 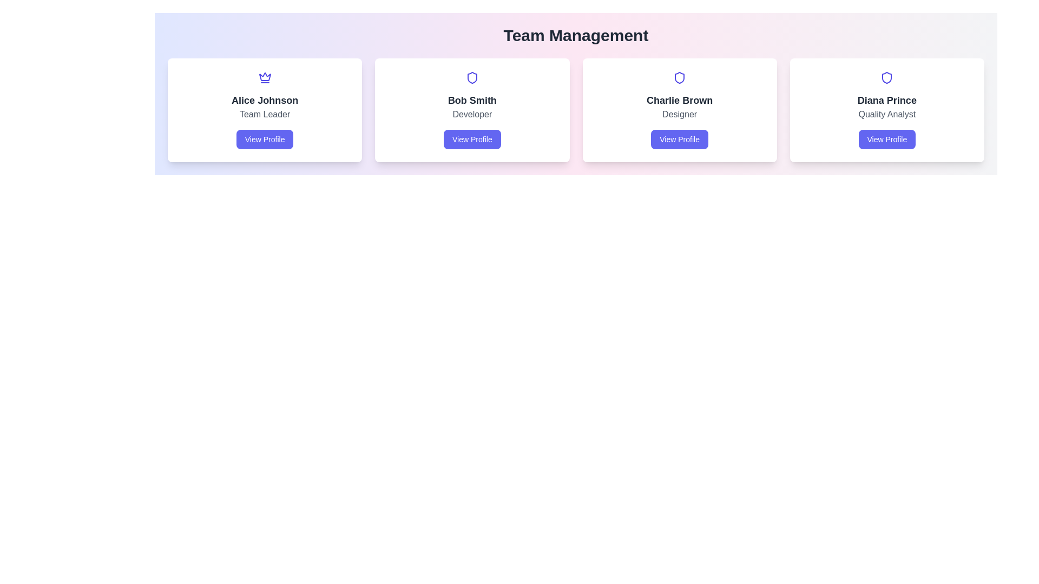 What do you see at coordinates (472, 100) in the screenshot?
I see `the text label that identifies the individual represented by the second card in a row of four cards, located above the title 'Developer' and below the role icon` at bounding box center [472, 100].